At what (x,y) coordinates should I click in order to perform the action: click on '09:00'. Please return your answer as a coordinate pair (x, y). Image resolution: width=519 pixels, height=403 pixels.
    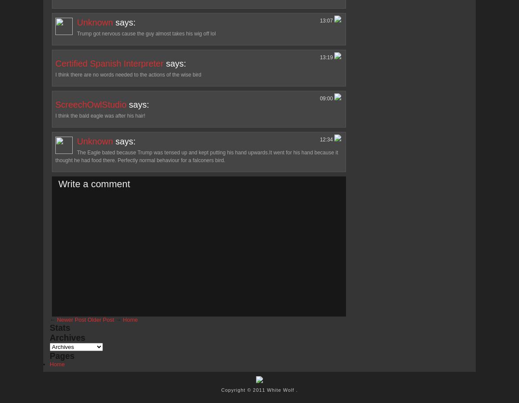
    Looking at the image, I should click on (327, 98).